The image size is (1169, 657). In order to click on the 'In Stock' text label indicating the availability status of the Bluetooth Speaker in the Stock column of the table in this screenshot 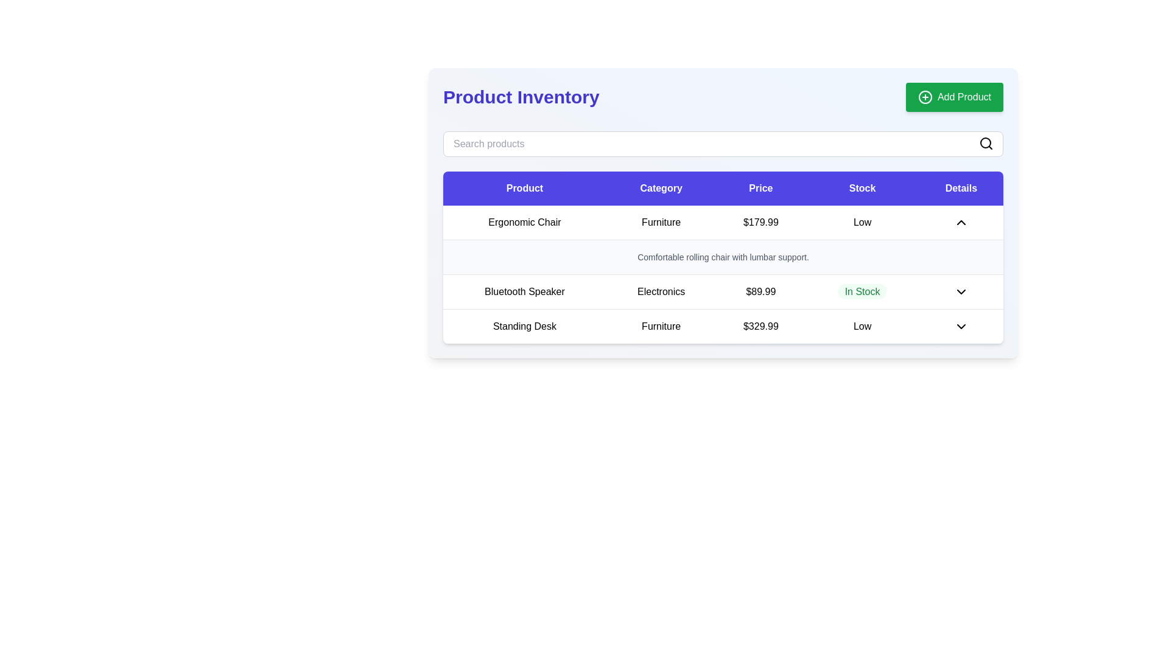, I will do `click(862, 291)`.